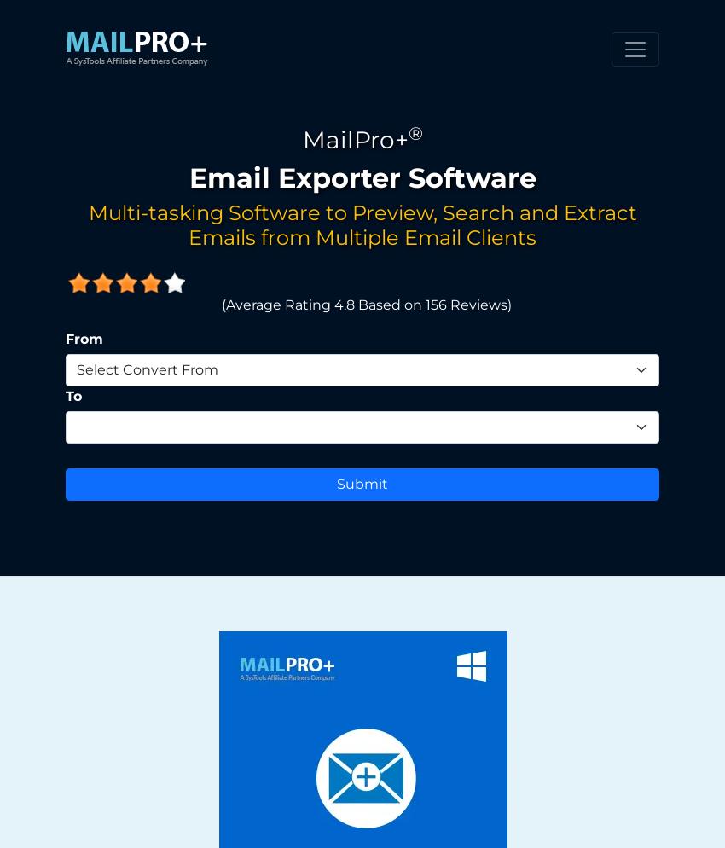 This screenshot has width=725, height=848. I want to click on 'Browse File From Local Storage & Click Add', so click(258, 105).